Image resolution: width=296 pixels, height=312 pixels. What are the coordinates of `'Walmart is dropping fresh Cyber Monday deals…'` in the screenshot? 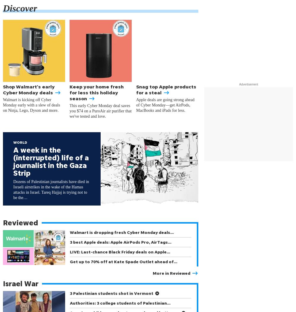 It's located at (122, 232).